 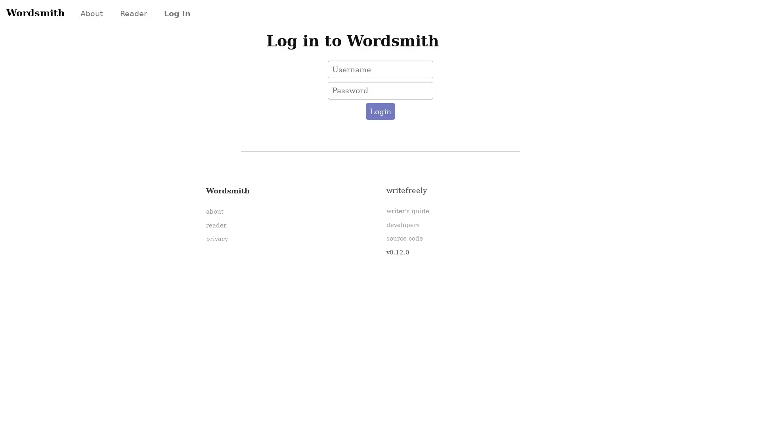 What do you see at coordinates (380, 111) in the screenshot?
I see `Login` at bounding box center [380, 111].